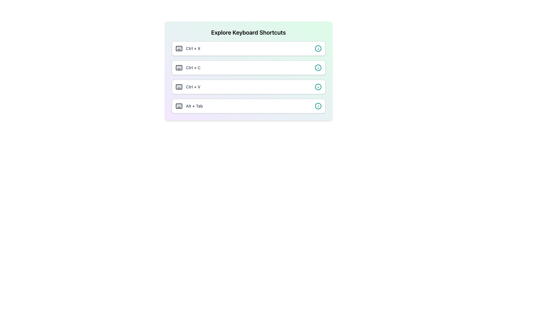 The width and height of the screenshot is (559, 314). I want to click on the keyboard icon, which has a dark gray outline and represents keyboard keys, located as the leftmost component in the group labeled 'Alt + Tab', so click(178, 106).